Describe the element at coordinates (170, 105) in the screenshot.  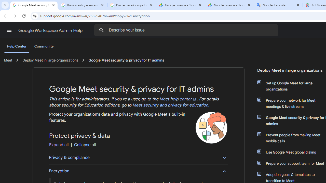
I see `'Meet security and privacy for education'` at that location.